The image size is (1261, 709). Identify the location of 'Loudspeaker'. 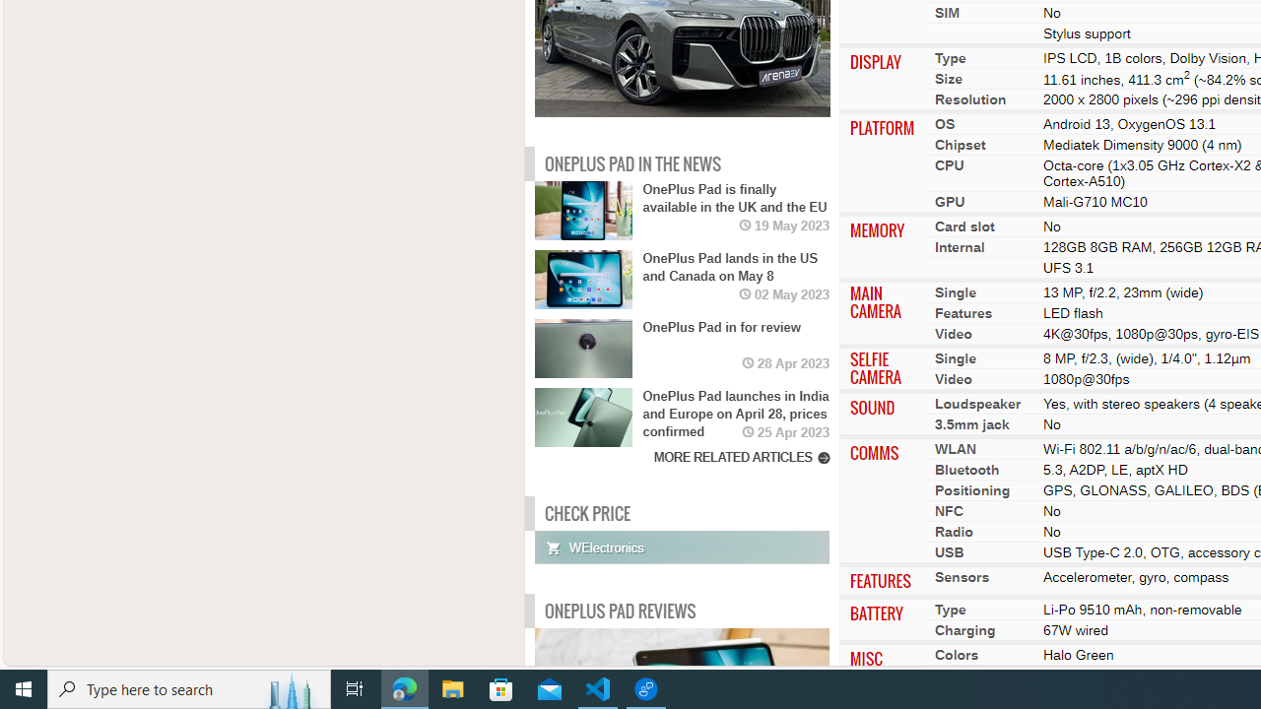
(977, 403).